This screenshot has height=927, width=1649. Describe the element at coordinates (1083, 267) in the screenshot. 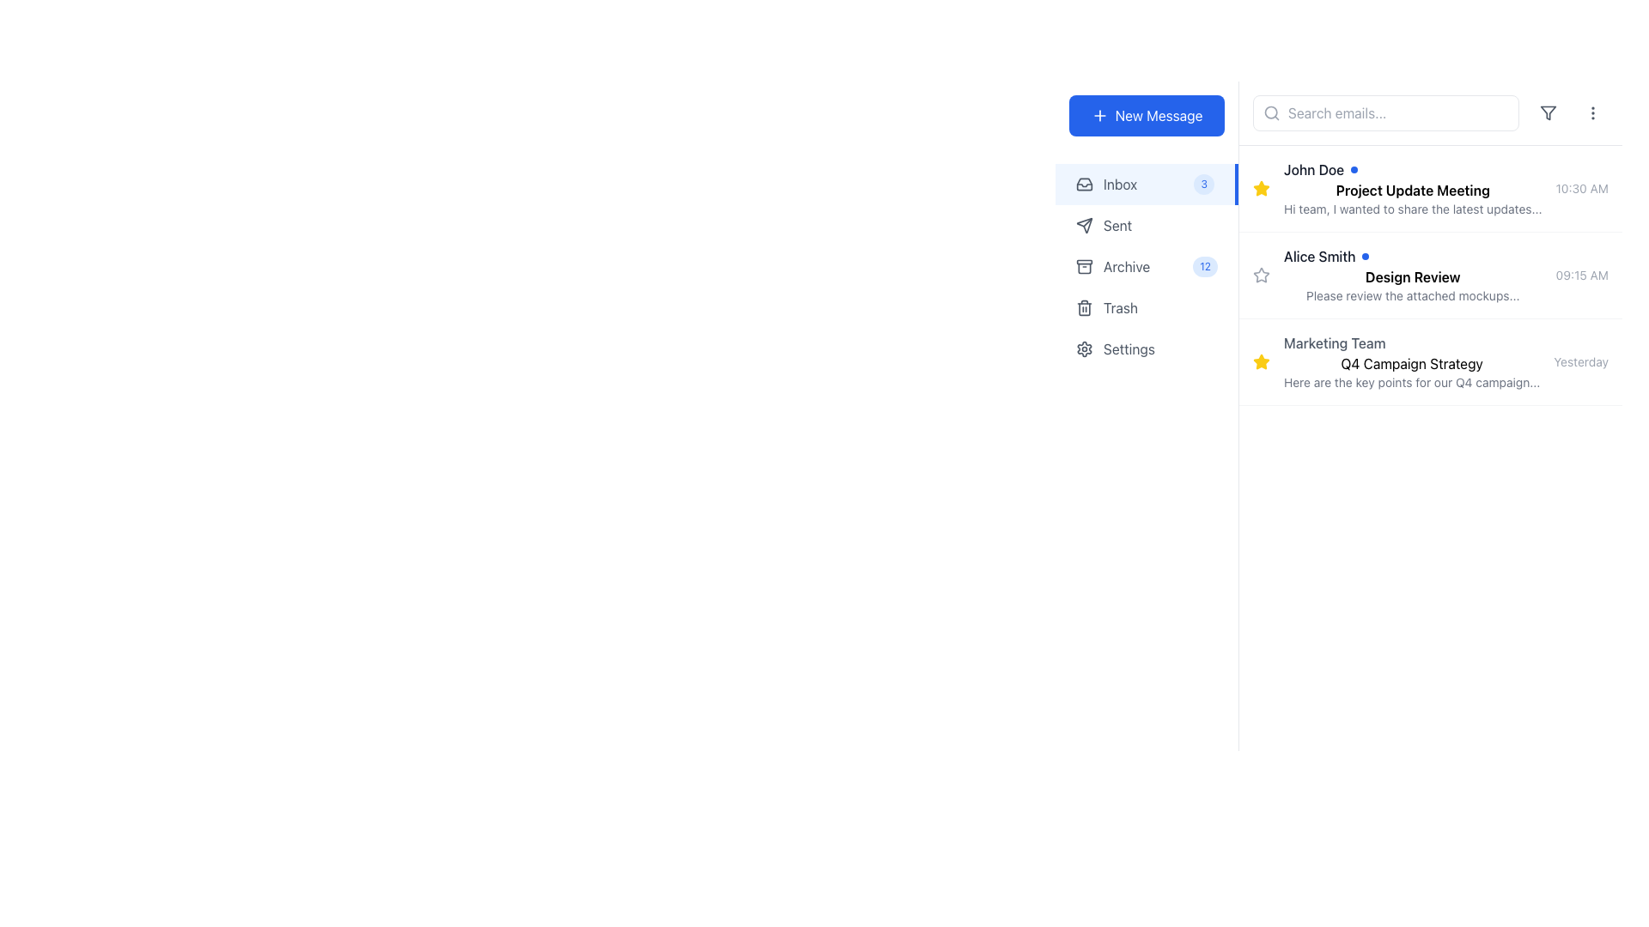

I see `the 'Archive' icon located on the left sidebar, which is positioned directly to the left of the 'Archive' label and above the numeric label '12'` at that location.